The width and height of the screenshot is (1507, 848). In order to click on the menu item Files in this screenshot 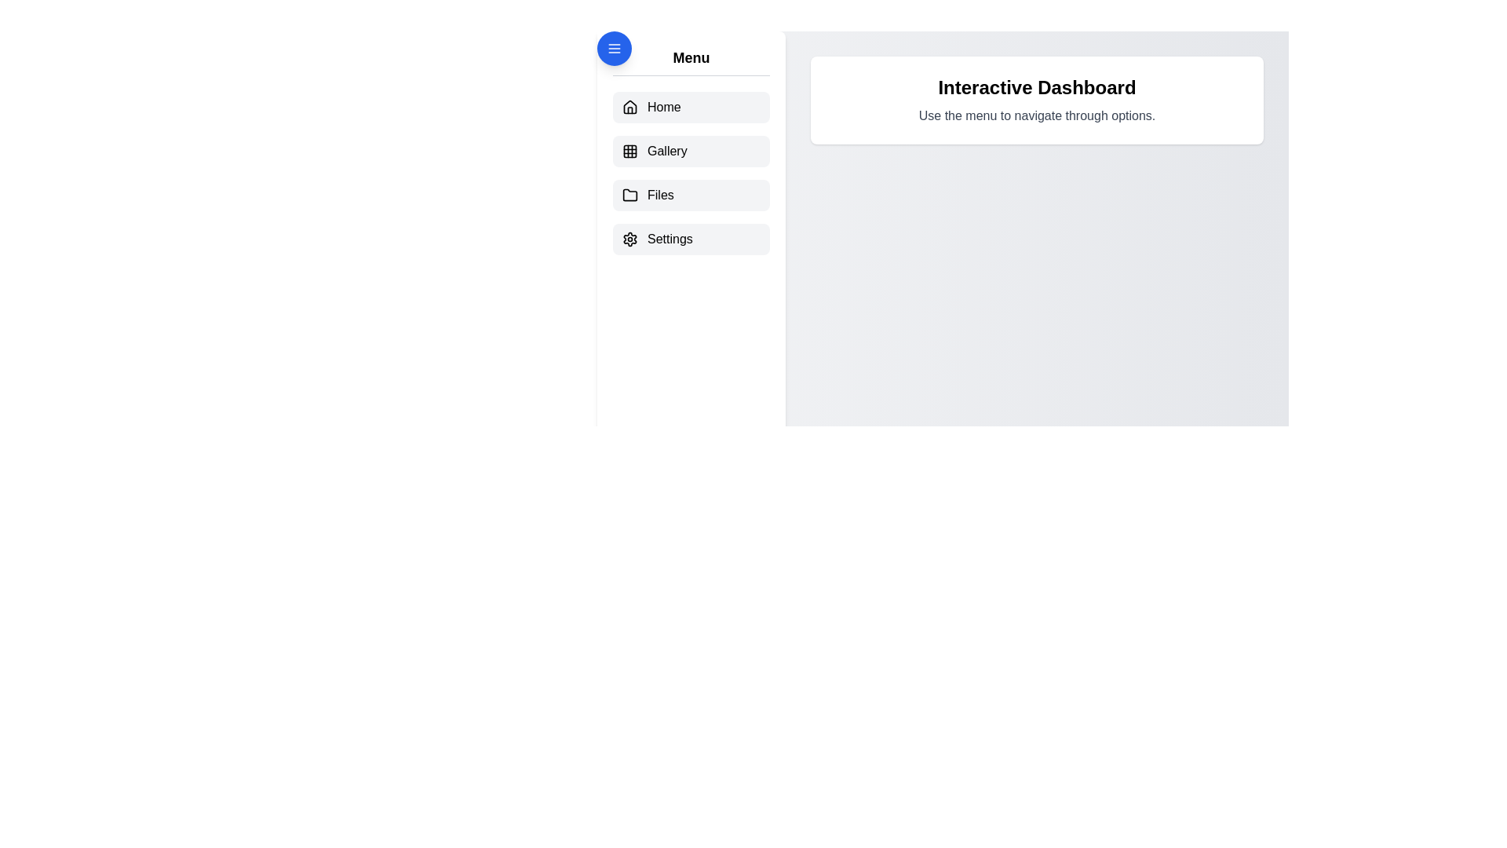, I will do `click(691, 195)`.